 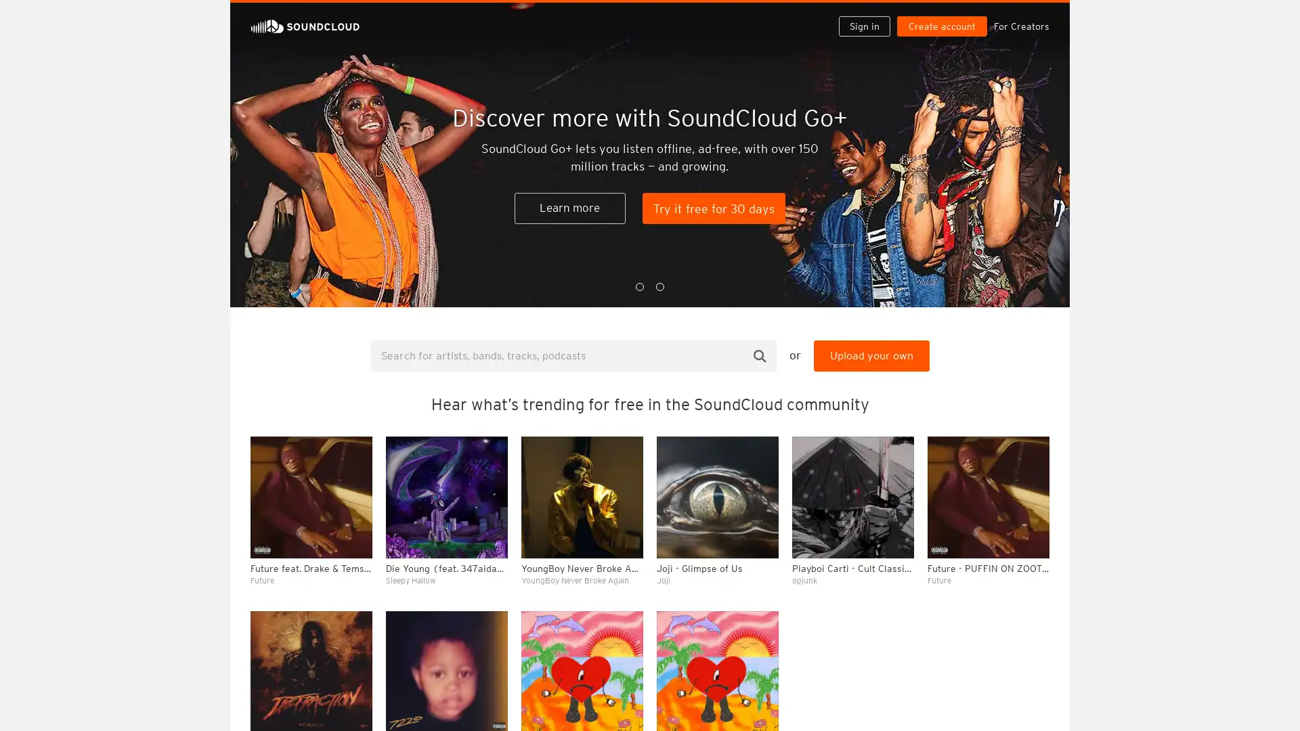 What do you see at coordinates (869, 15) in the screenshot?
I see `Sign in` at bounding box center [869, 15].